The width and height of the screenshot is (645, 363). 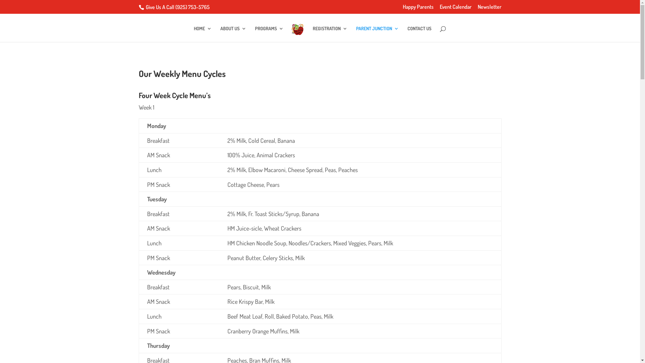 What do you see at coordinates (417, 9) in the screenshot?
I see `'Happy Parents'` at bounding box center [417, 9].